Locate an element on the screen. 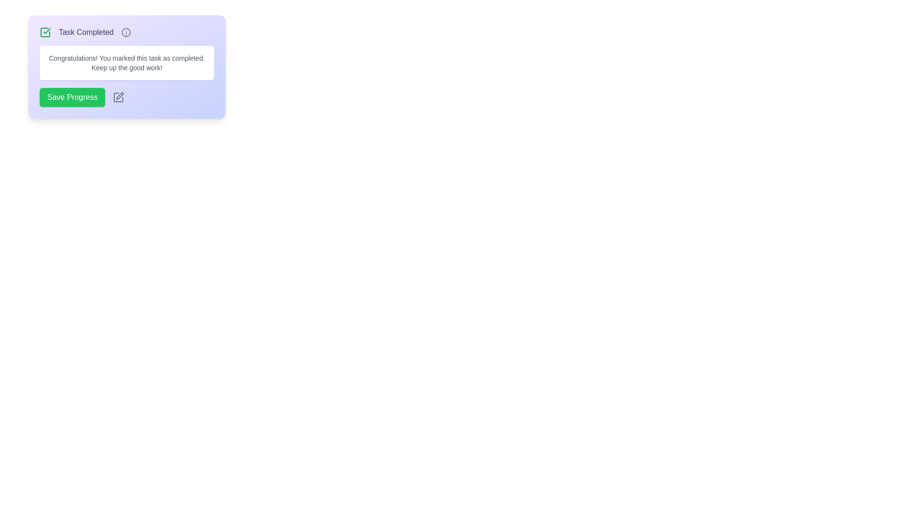 This screenshot has width=918, height=516. the green checkmark icon within a square outline, which is the first item in the group to the left of the 'Task Completed' text is located at coordinates (45, 32).